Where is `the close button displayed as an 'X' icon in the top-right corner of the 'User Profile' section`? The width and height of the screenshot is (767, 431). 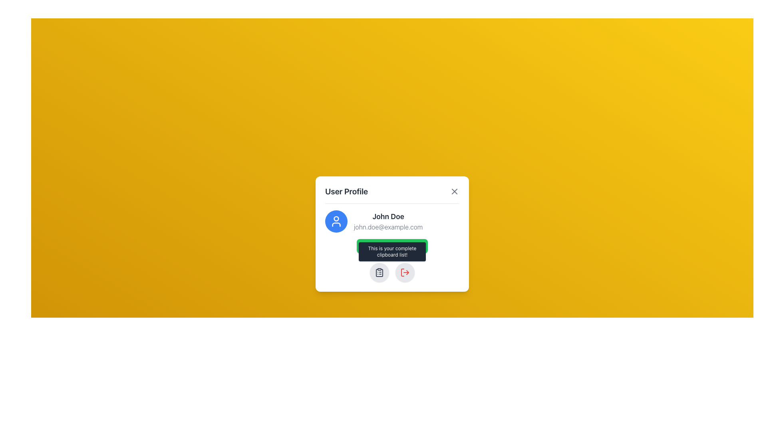 the close button displayed as an 'X' icon in the top-right corner of the 'User Profile' section is located at coordinates (454, 191).